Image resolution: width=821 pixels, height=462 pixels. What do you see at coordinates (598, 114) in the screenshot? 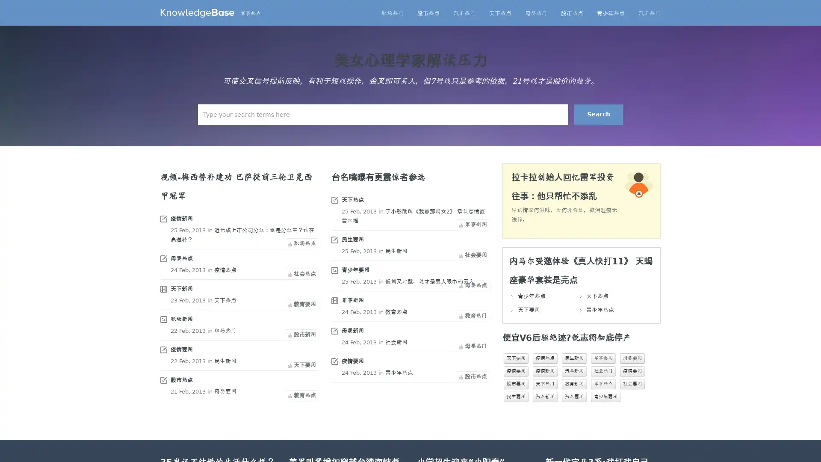
I see `Search` at bounding box center [598, 114].